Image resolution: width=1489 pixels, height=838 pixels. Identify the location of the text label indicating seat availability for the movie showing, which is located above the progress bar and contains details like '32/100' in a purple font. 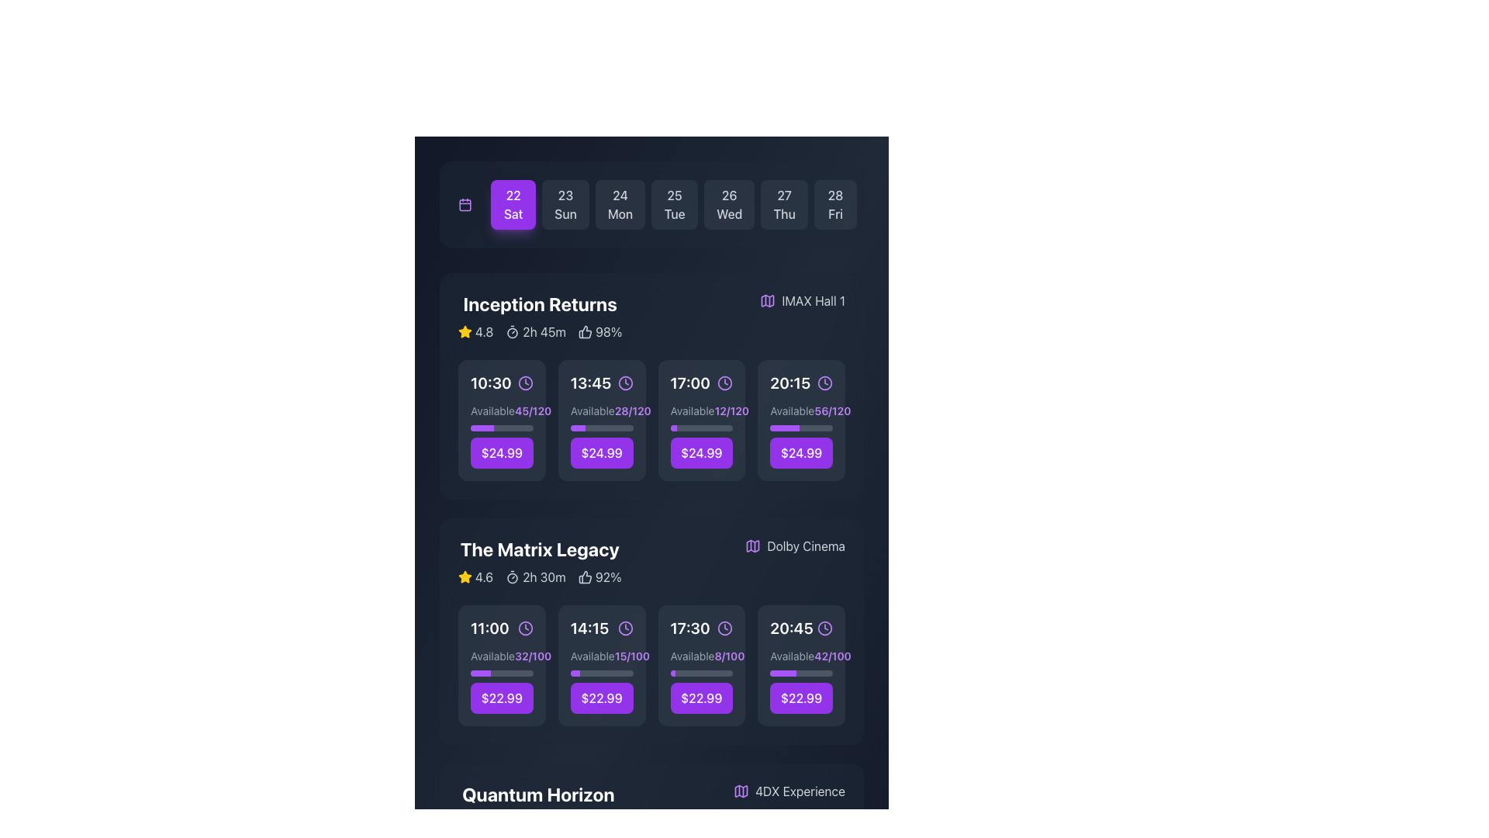
(492, 656).